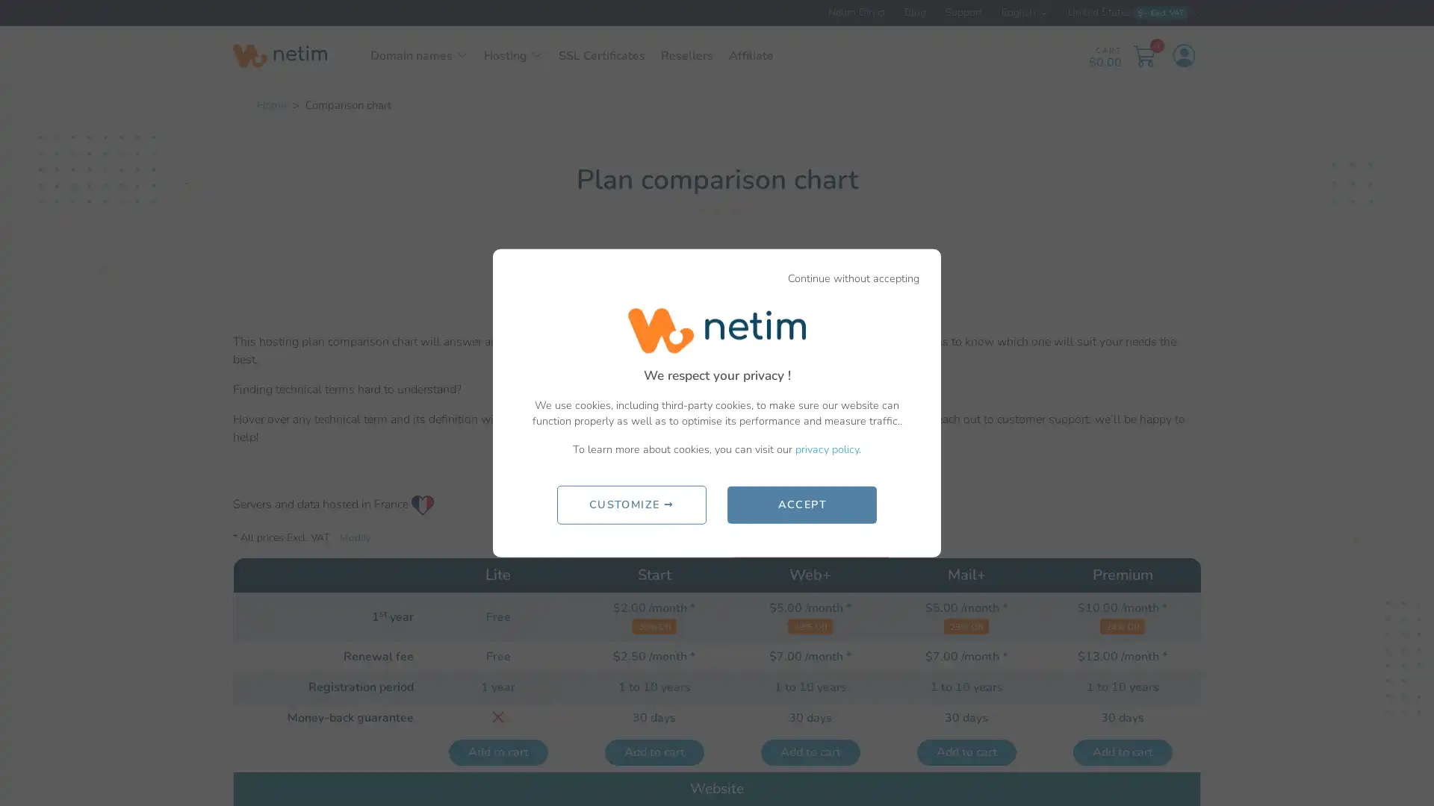  Describe the element at coordinates (630, 504) in the screenshot. I see `CUSTOMIZE` at that location.